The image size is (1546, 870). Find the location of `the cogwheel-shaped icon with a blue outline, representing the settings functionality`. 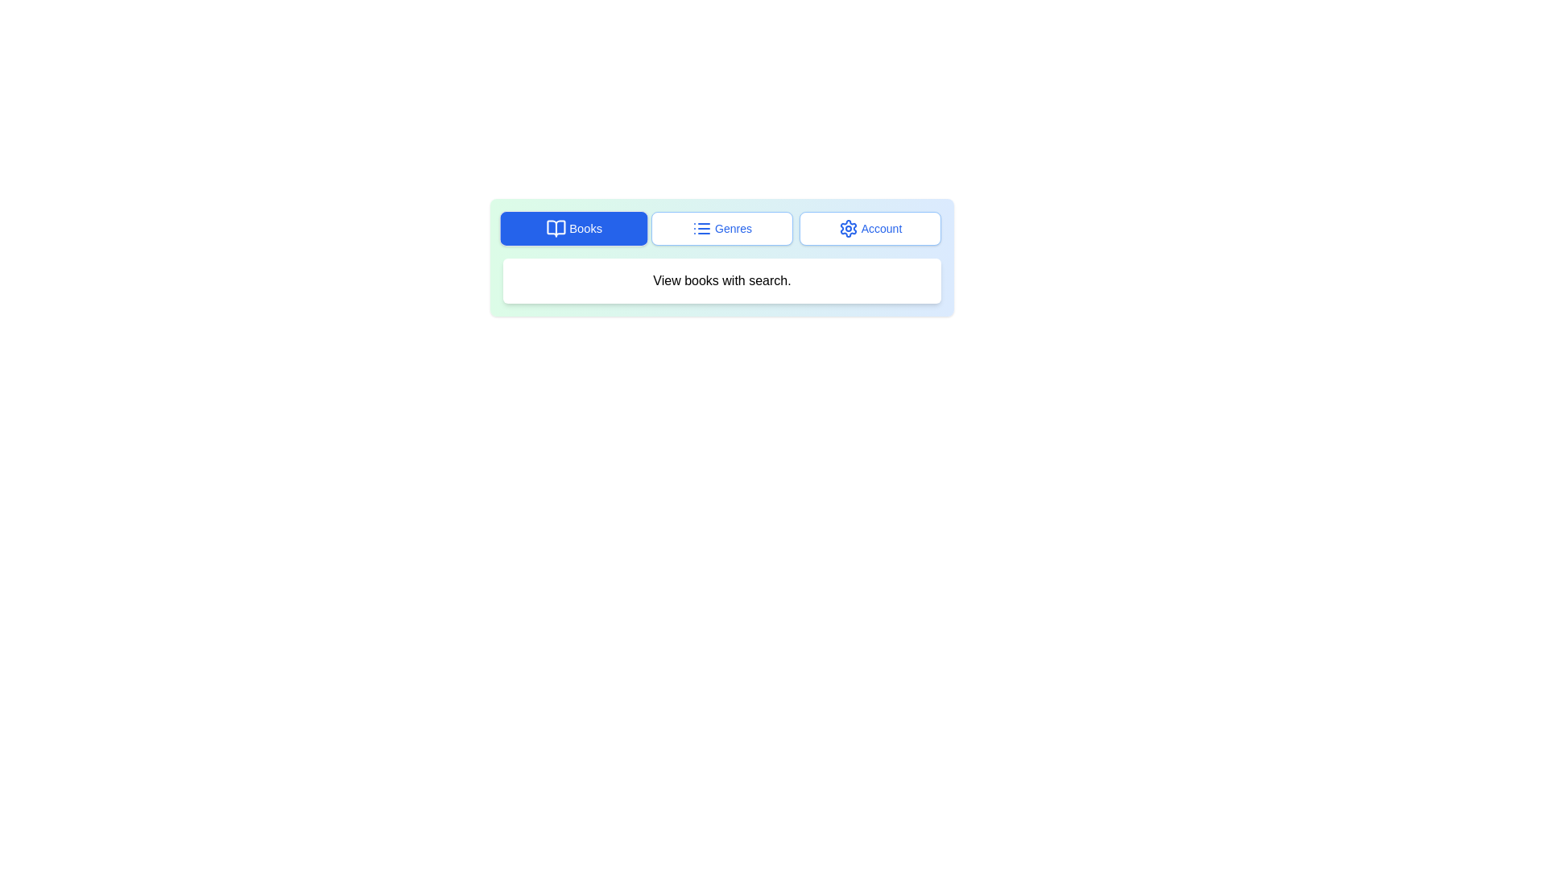

the cogwheel-shaped icon with a blue outline, representing the settings functionality is located at coordinates (847, 229).